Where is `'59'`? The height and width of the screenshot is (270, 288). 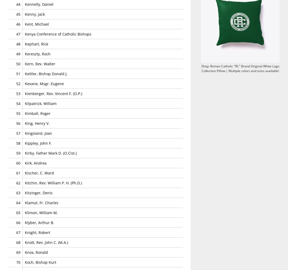 '59' is located at coordinates (18, 153).